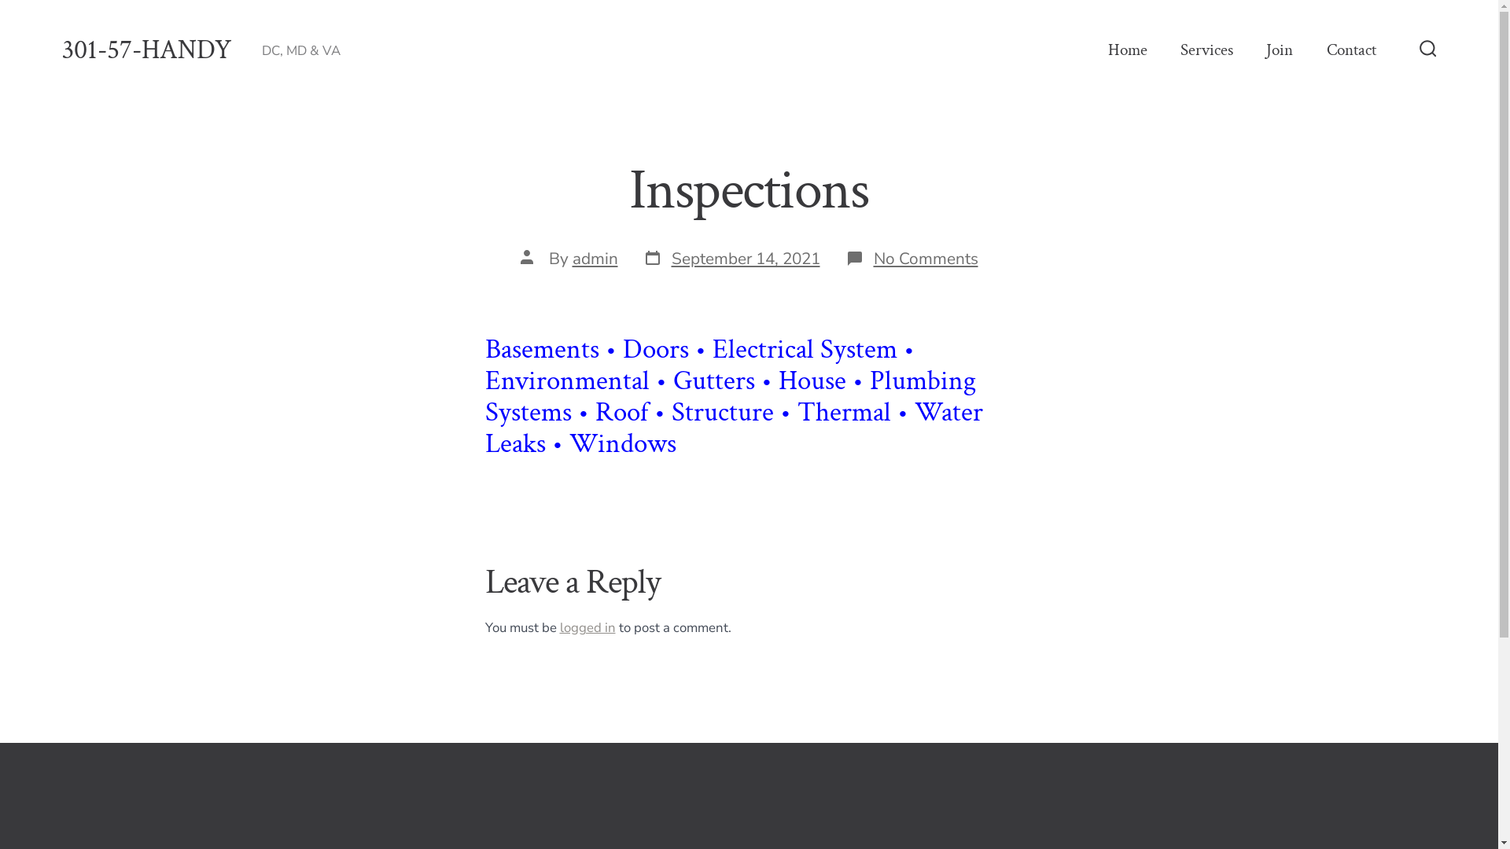 Image resolution: width=1510 pixels, height=849 pixels. What do you see at coordinates (1280, 50) in the screenshot?
I see `'Join'` at bounding box center [1280, 50].